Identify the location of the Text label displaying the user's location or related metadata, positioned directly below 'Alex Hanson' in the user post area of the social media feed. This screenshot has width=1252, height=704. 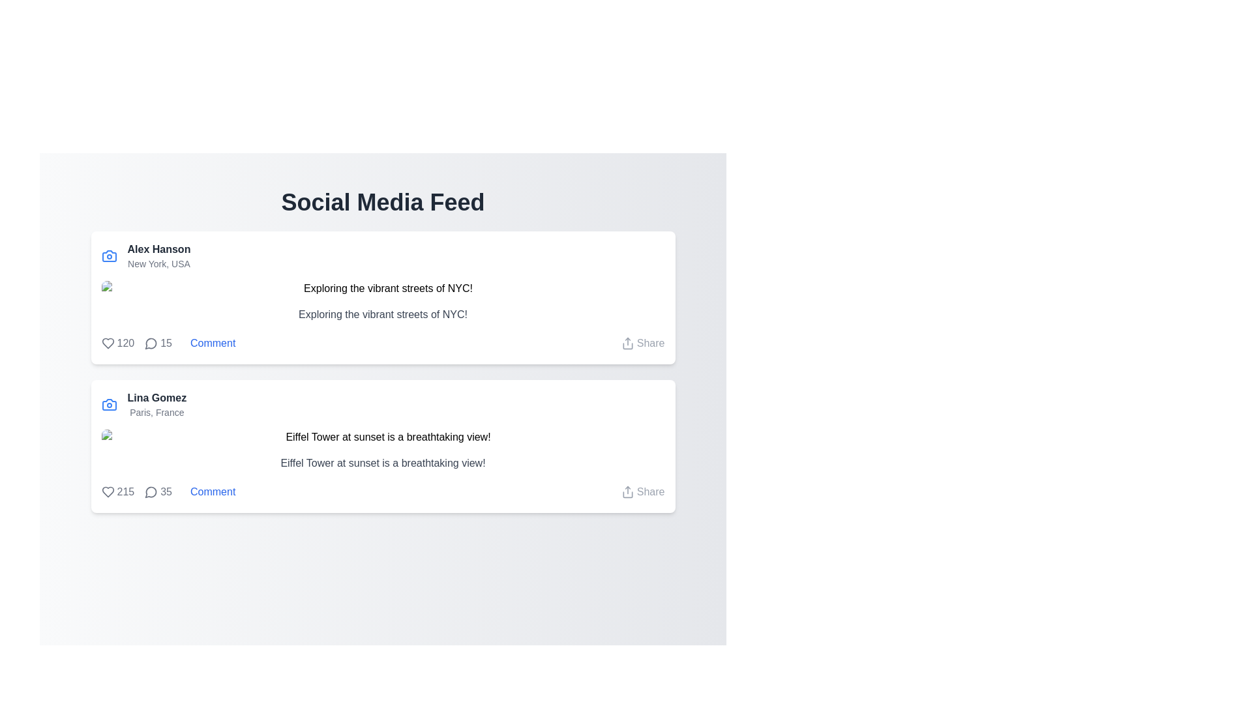
(158, 264).